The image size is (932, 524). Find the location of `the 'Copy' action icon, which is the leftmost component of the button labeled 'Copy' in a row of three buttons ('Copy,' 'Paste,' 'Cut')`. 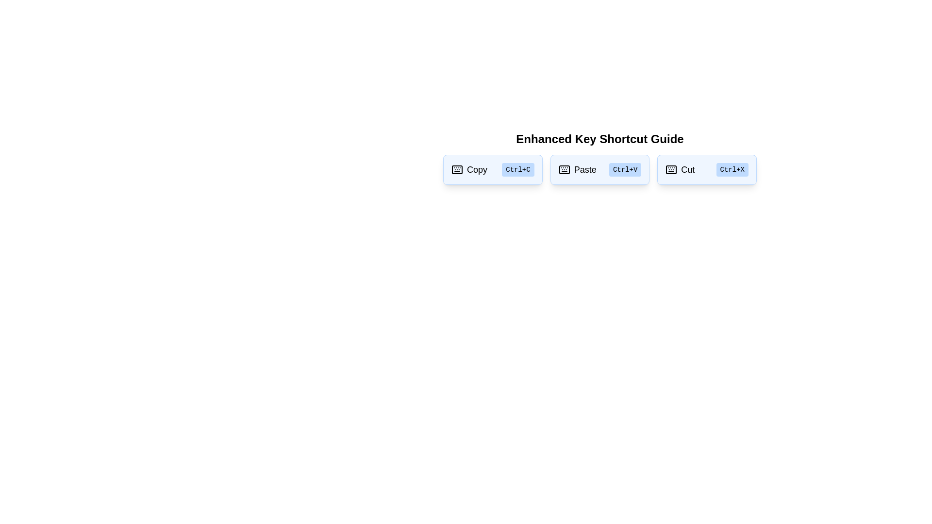

the 'Copy' action icon, which is the leftmost component of the button labeled 'Copy' in a row of three buttons ('Copy,' 'Paste,' 'Cut') is located at coordinates (456, 169).